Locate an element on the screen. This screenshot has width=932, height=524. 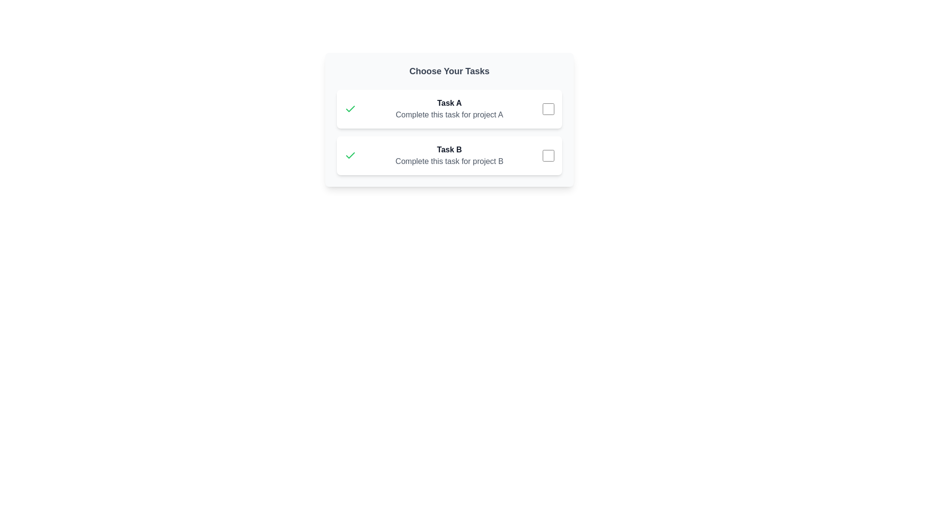
the completed task icon for Task B, which is a visual indicator located on the left side of the task description and checkbox, representing that the task has been marked as completed is located at coordinates (349, 155).